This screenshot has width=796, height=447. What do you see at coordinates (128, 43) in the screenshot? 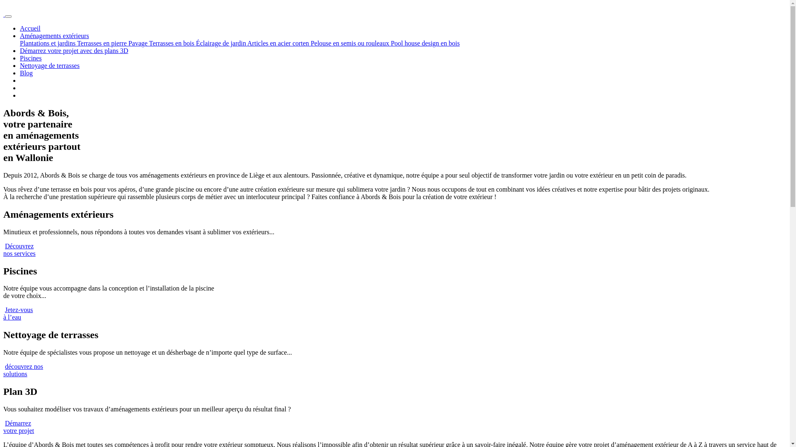
I see `'Pavage'` at bounding box center [128, 43].